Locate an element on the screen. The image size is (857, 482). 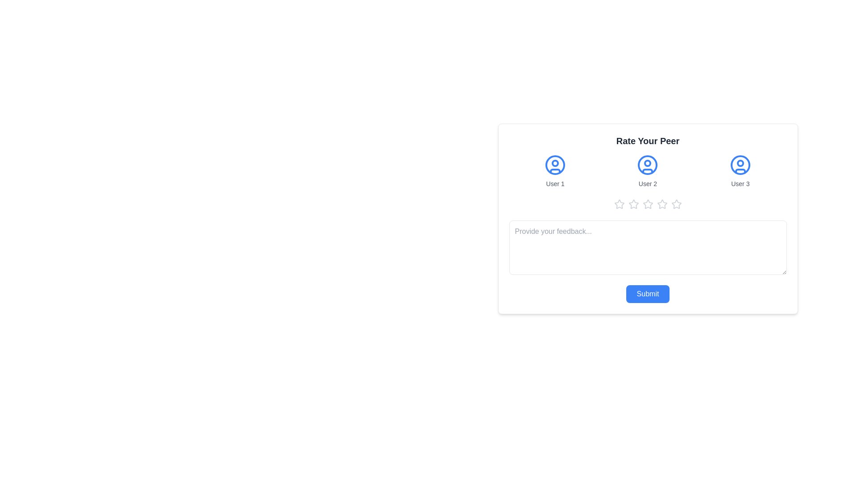
the avatar and label of User 1 is located at coordinates (555, 171).